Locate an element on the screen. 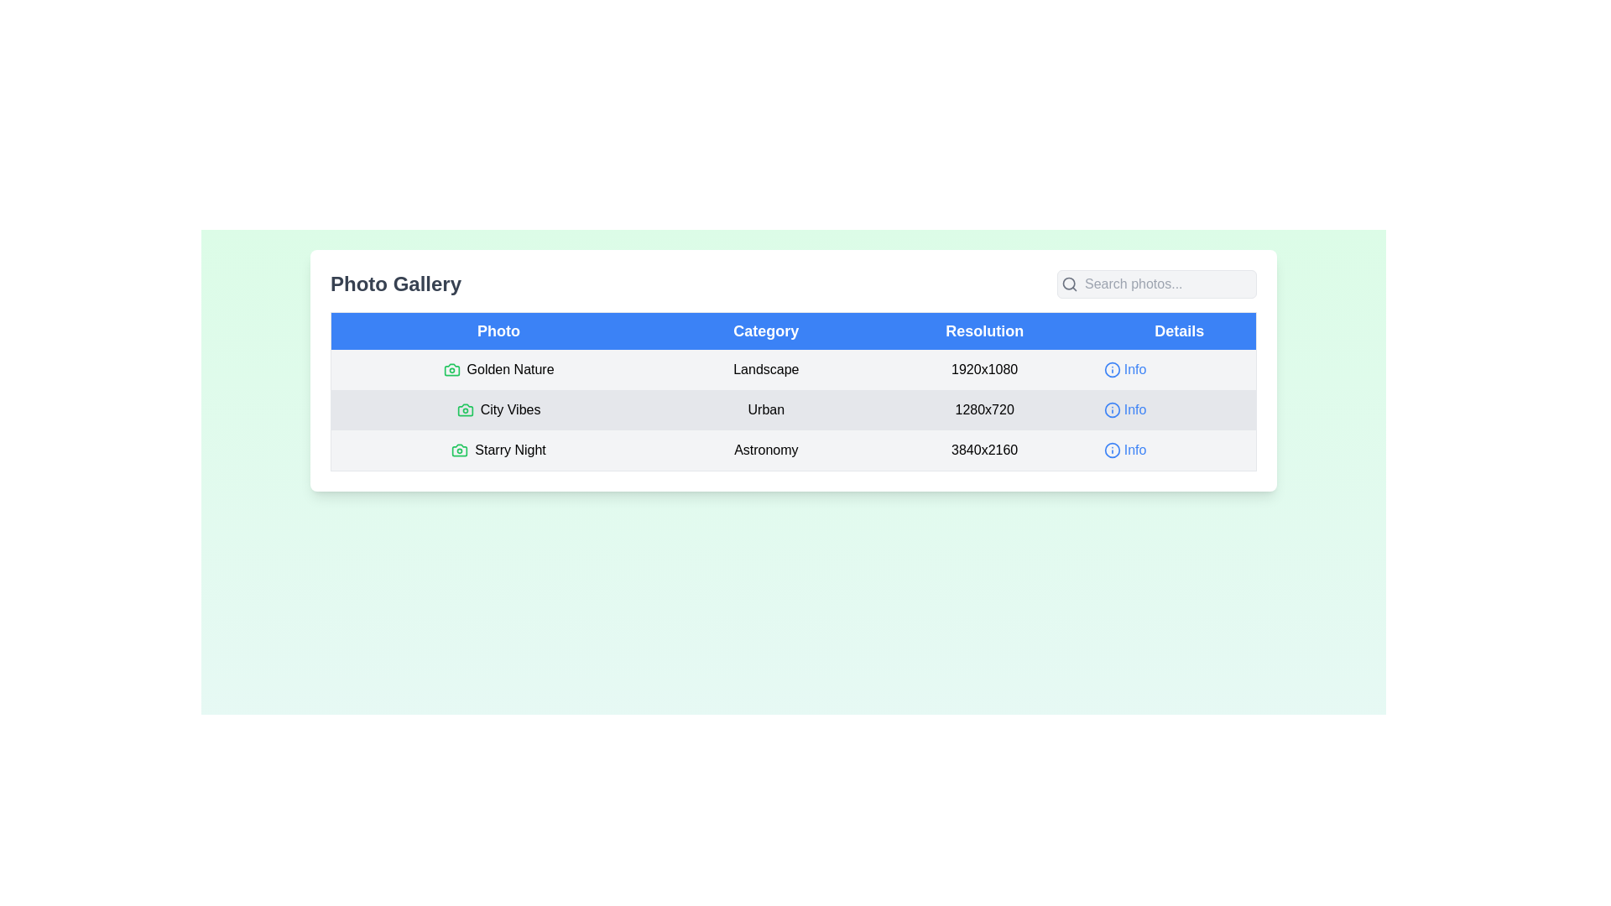 This screenshot has height=906, width=1611. the first Text label with icon in the 'Photo' column of the data table, which serves as the title for the photo entry is located at coordinates (498, 368).